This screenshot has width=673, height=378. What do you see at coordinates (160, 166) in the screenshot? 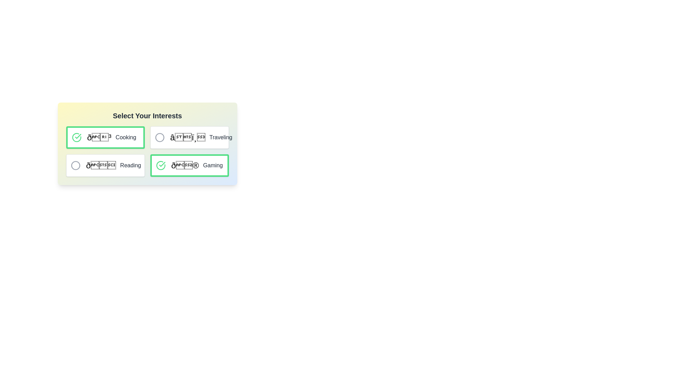
I see `the interest Gaming` at bounding box center [160, 166].